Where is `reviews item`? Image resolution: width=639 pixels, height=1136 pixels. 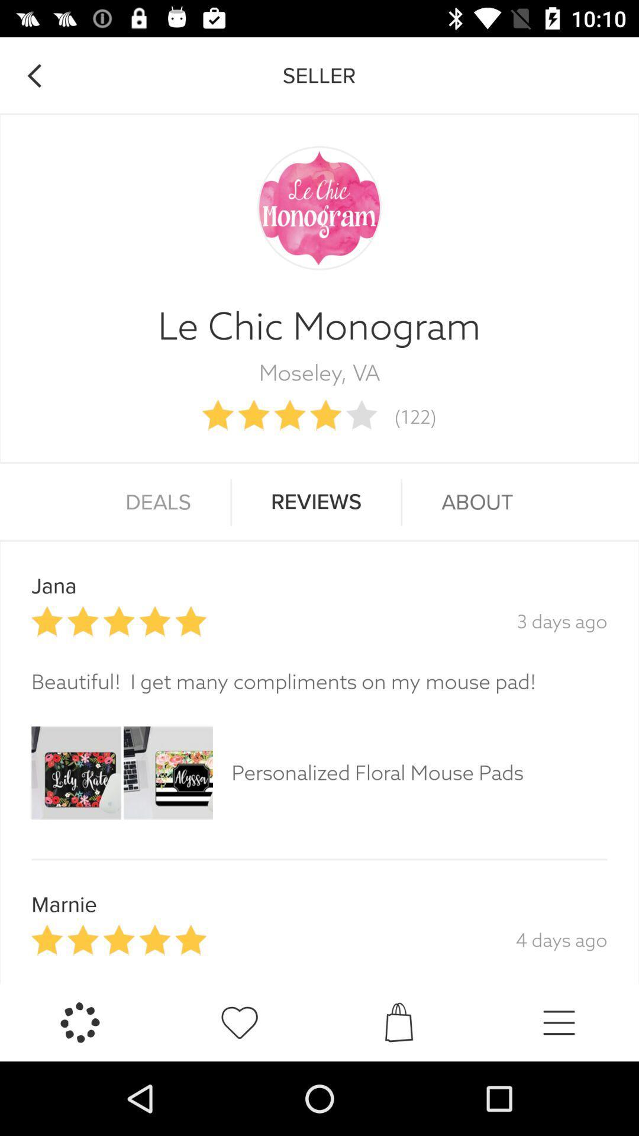
reviews item is located at coordinates (315, 502).